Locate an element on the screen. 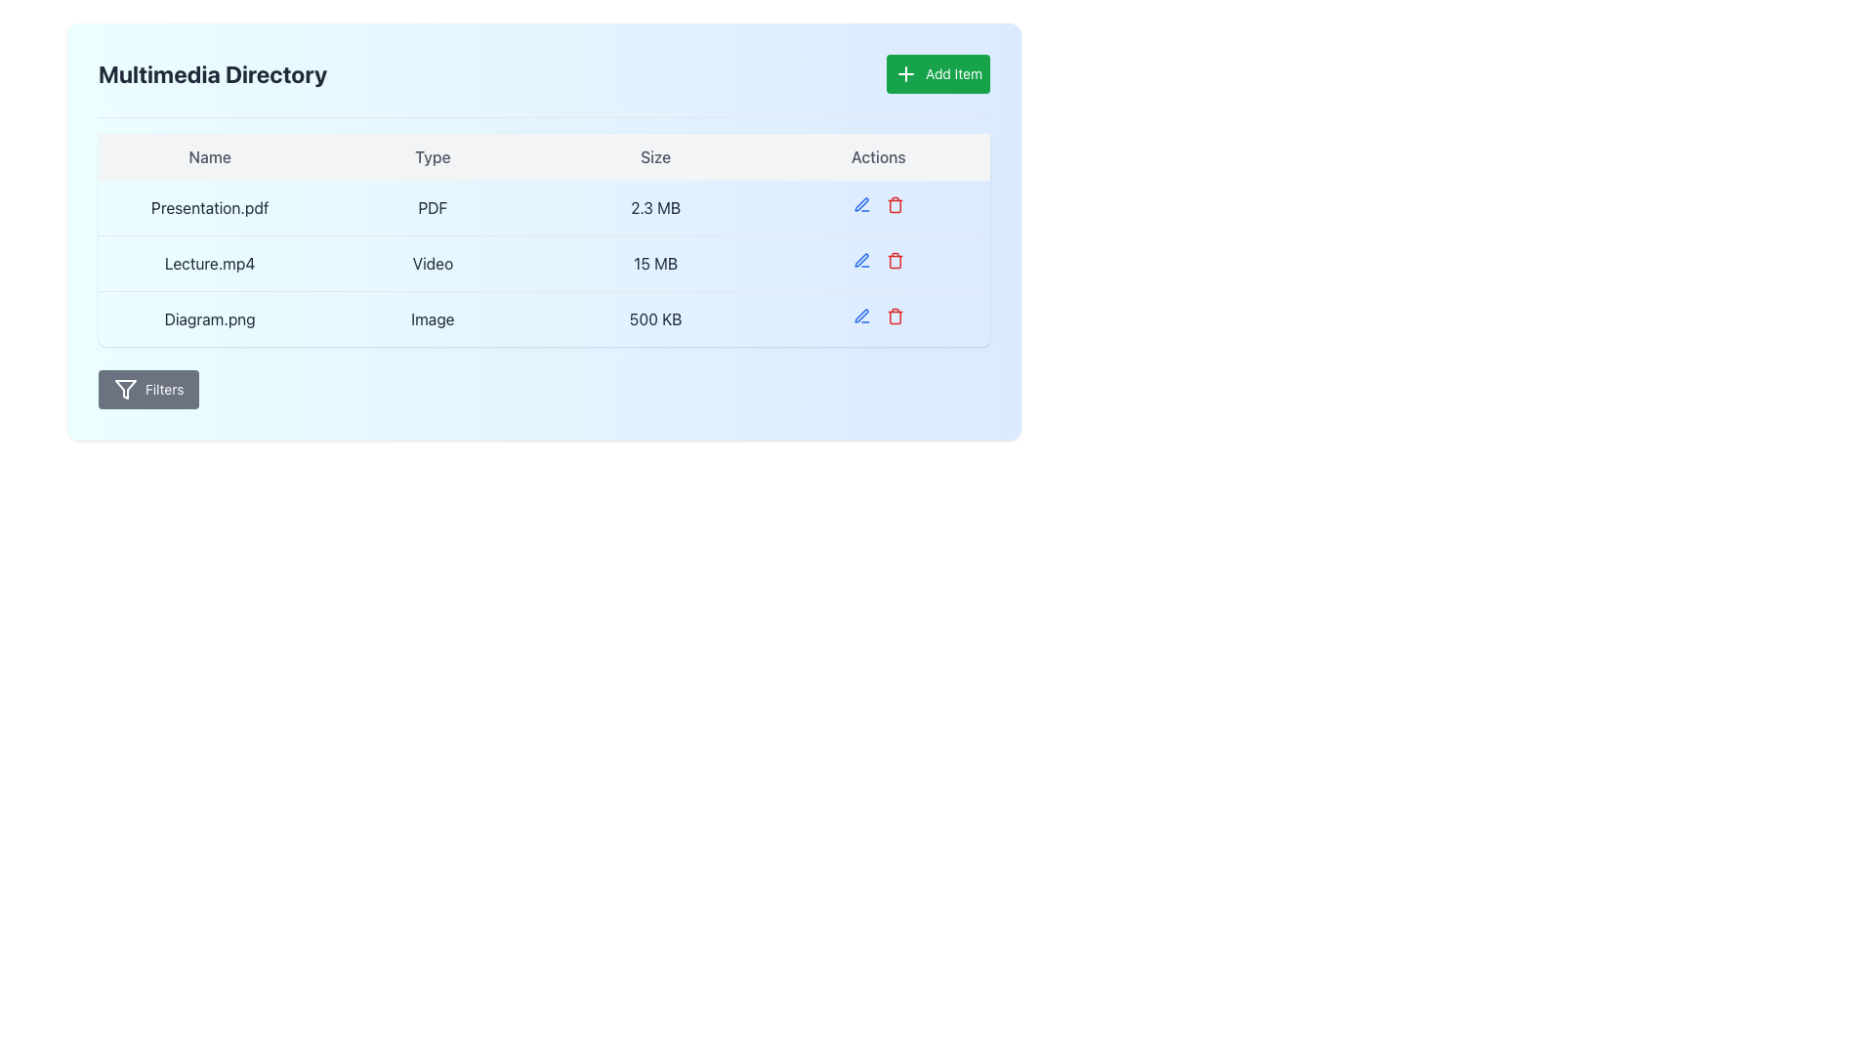  the 'Add Item' button with a green background and white text is located at coordinates (938, 73).